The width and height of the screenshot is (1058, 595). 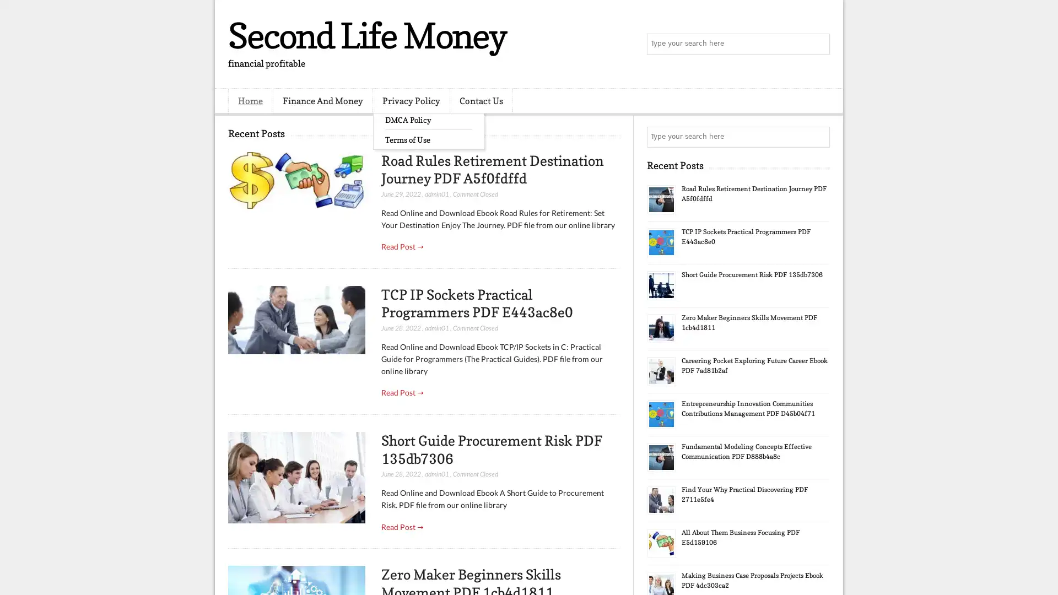 What do you see at coordinates (818, 137) in the screenshot?
I see `Search` at bounding box center [818, 137].